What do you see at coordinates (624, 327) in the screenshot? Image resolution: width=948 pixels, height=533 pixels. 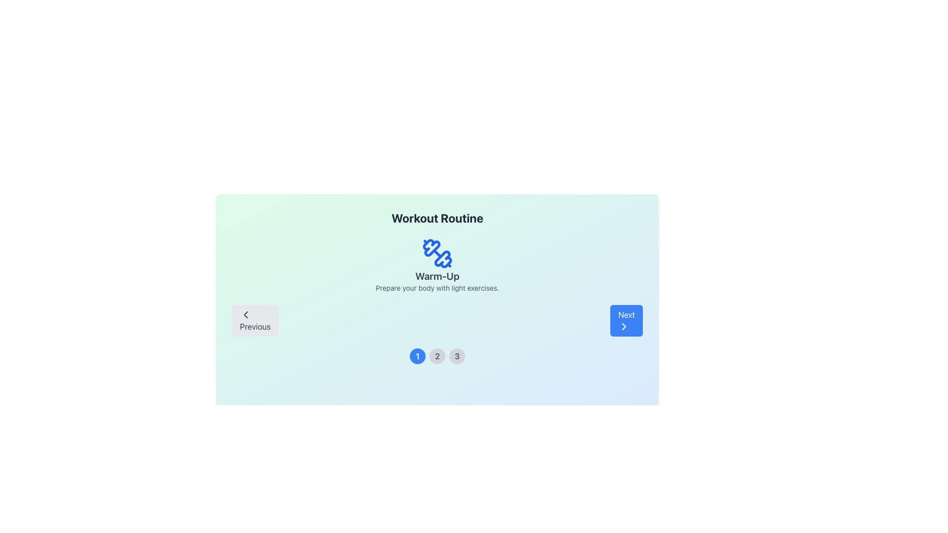 I see `the chevron icon indicating forward navigation functionality, which is located inside the rectangular navigation button at the bottom-right corner of the main content area, adjacent to the 'Next' label` at bounding box center [624, 327].